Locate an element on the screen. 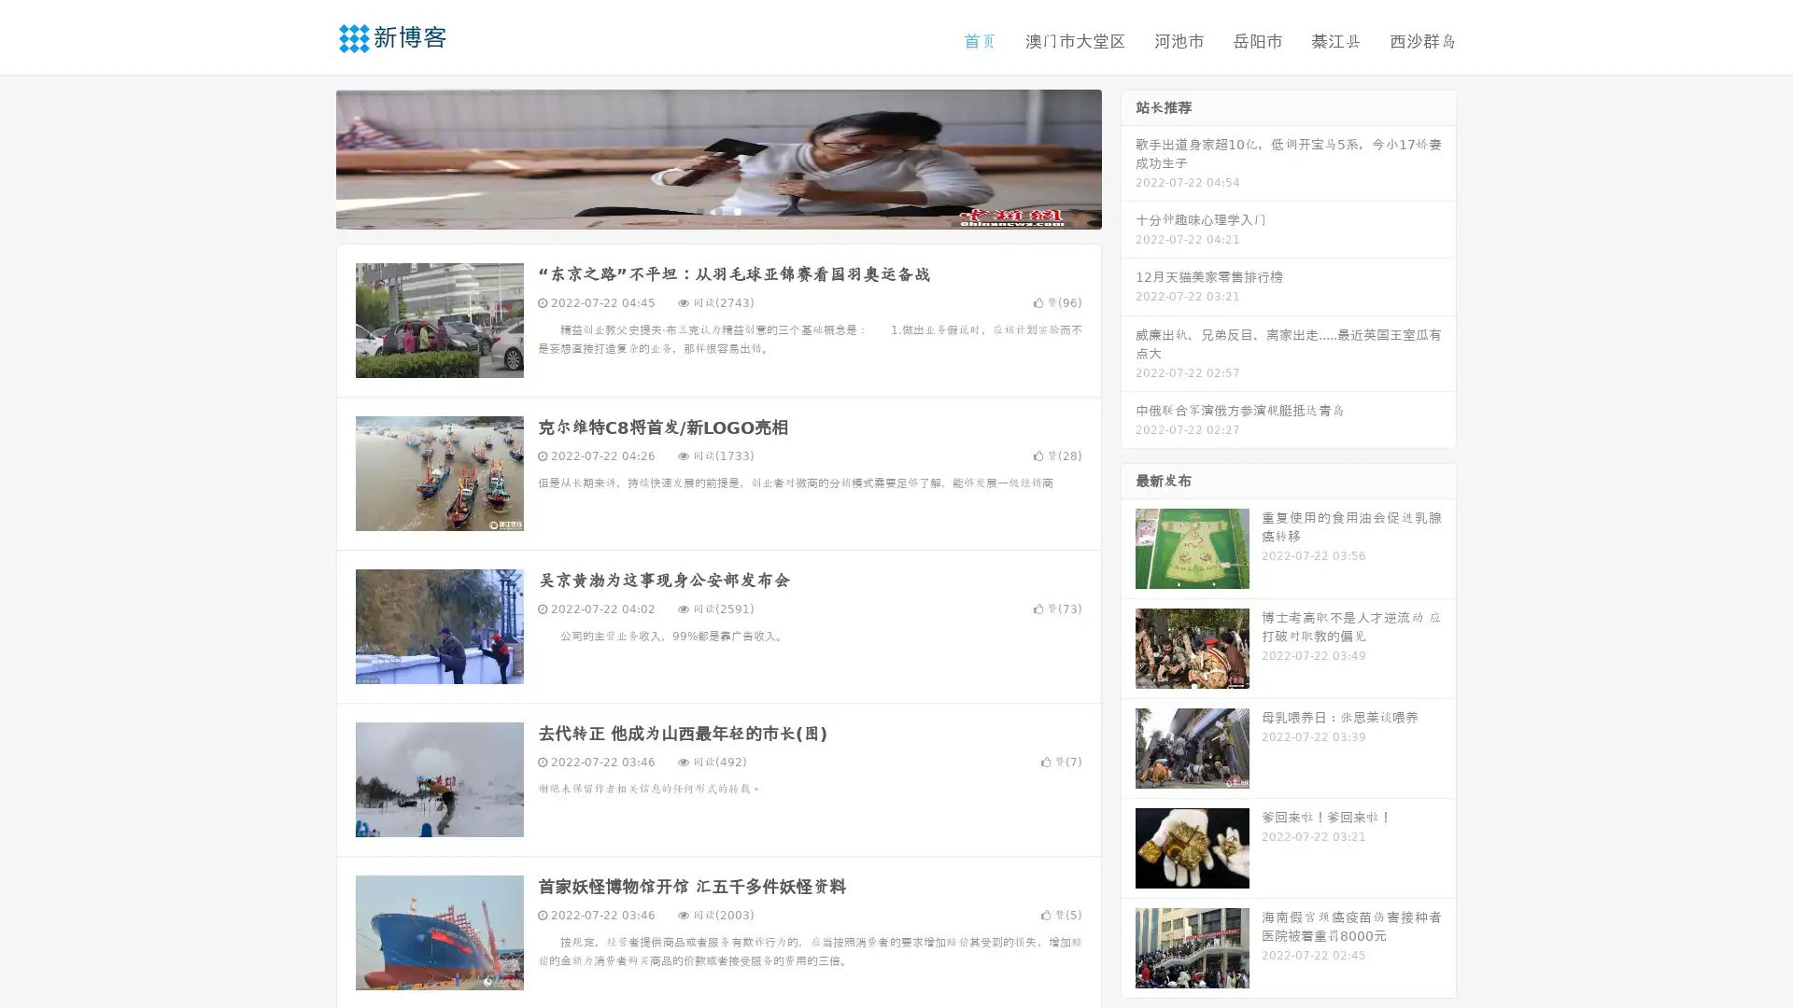 The height and width of the screenshot is (1008, 1793). Go to slide 2 is located at coordinates (717, 210).